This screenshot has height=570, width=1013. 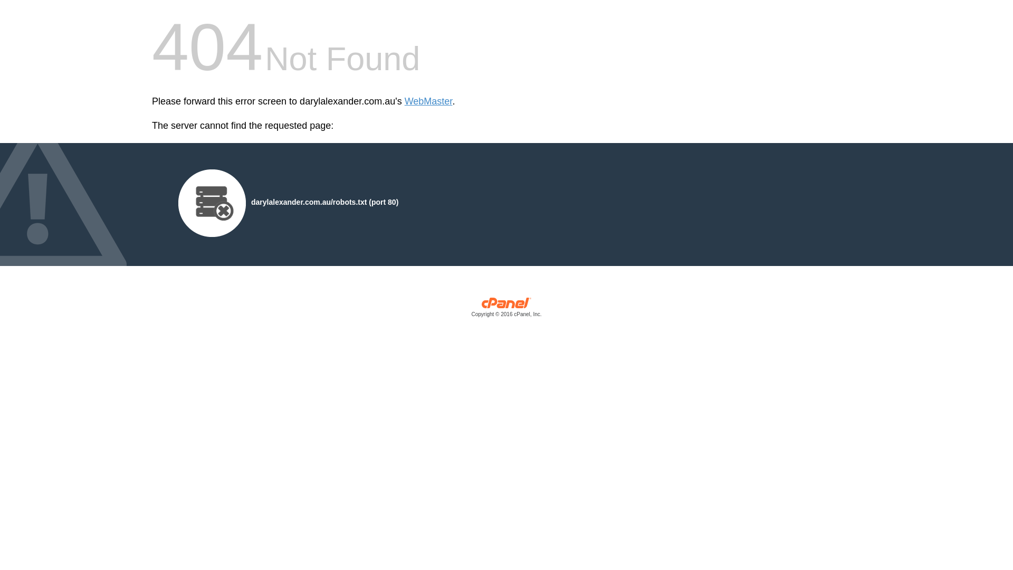 I want to click on 'WebMaster', so click(x=428, y=101).